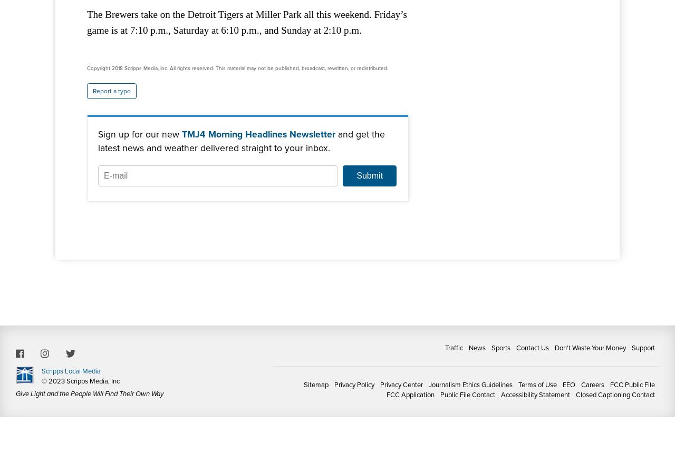  What do you see at coordinates (590, 347) in the screenshot?
I see `'Don't Waste Your Money'` at bounding box center [590, 347].